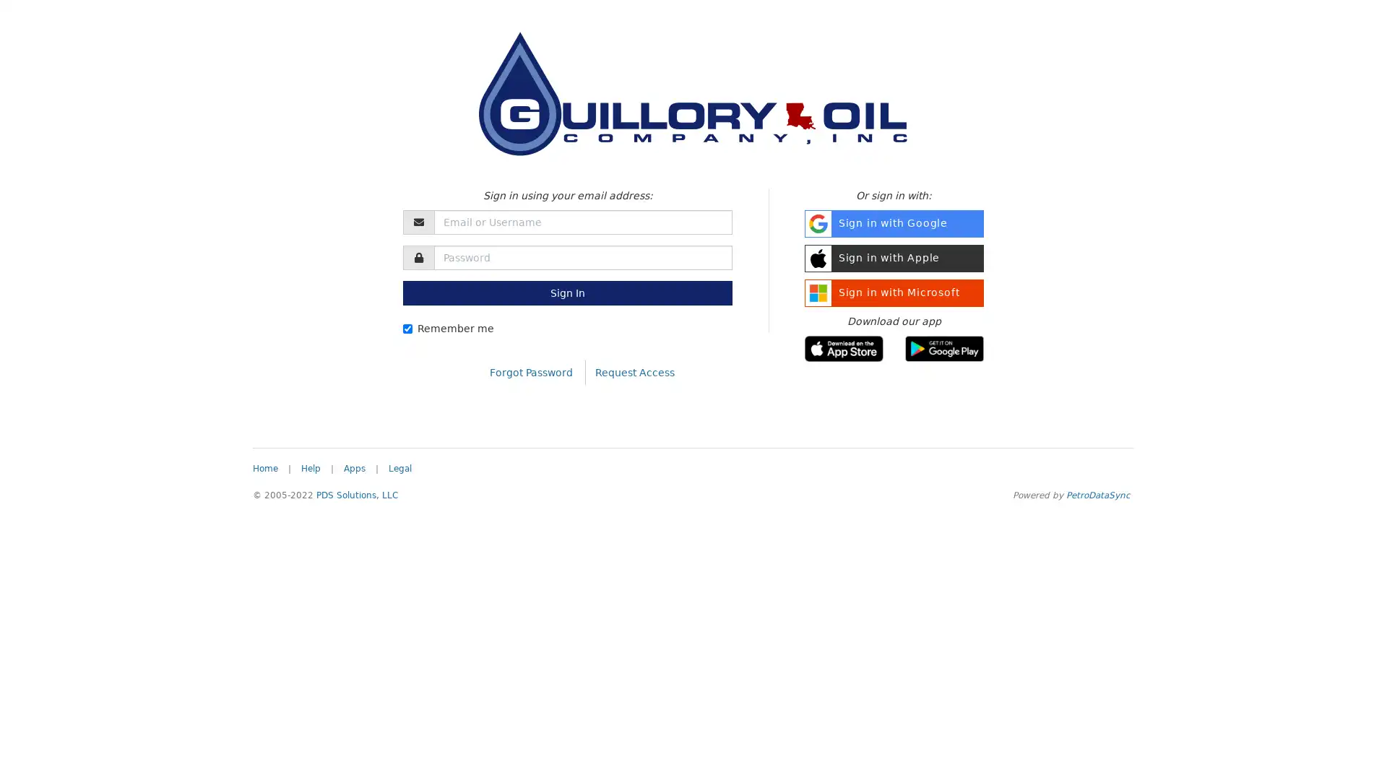 The height and width of the screenshot is (780, 1387). Describe the element at coordinates (530, 371) in the screenshot. I see `Forgot Password` at that location.